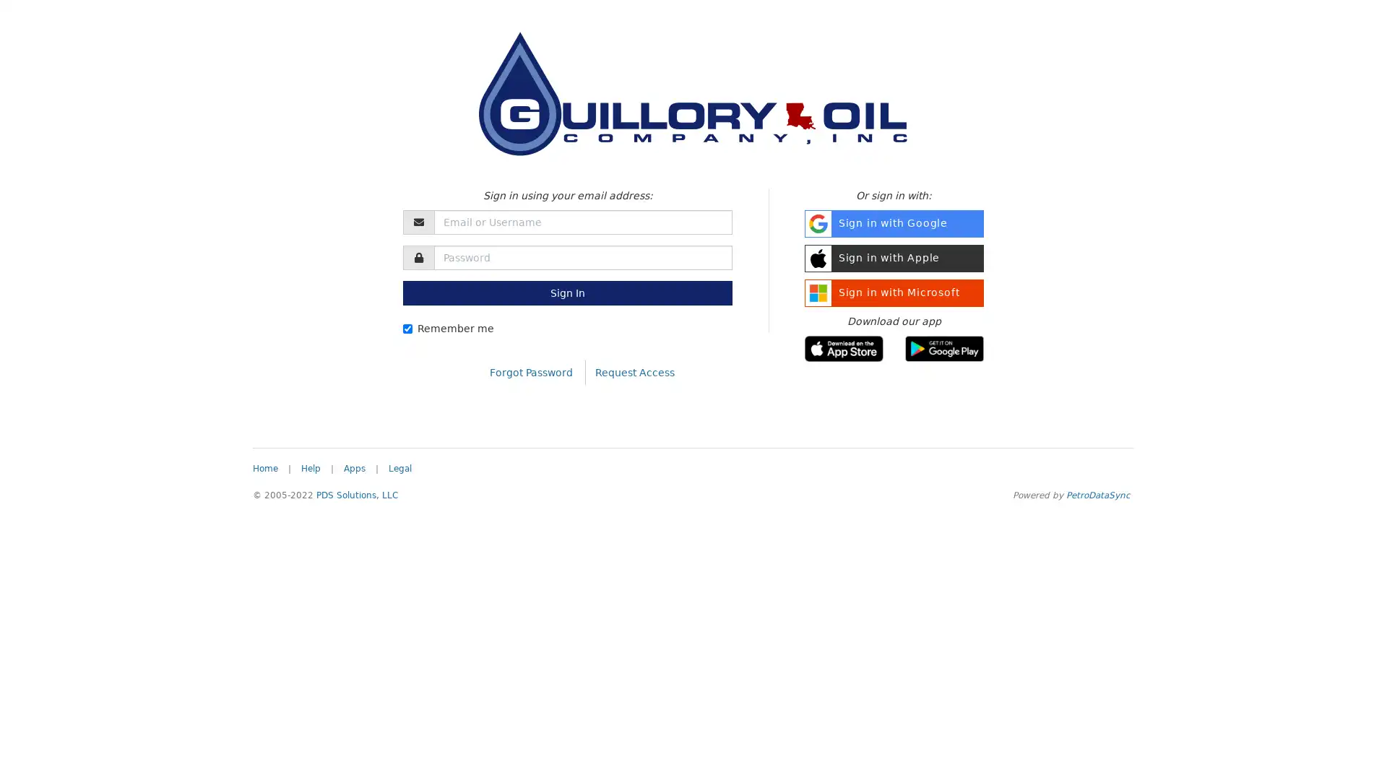 The height and width of the screenshot is (780, 1387). Describe the element at coordinates (530, 371) in the screenshot. I see `Forgot Password` at that location.